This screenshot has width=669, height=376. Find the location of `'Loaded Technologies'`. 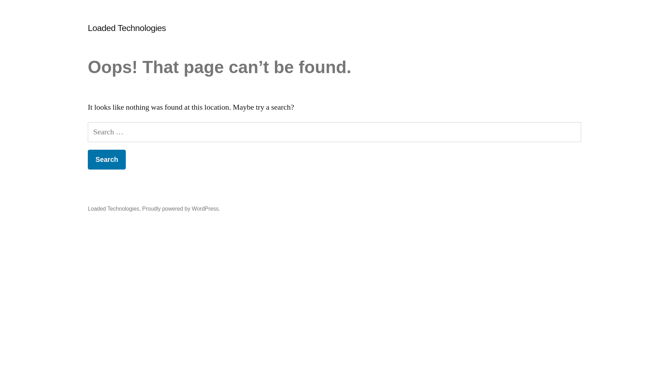

'Loaded Technologies' is located at coordinates (87, 208).